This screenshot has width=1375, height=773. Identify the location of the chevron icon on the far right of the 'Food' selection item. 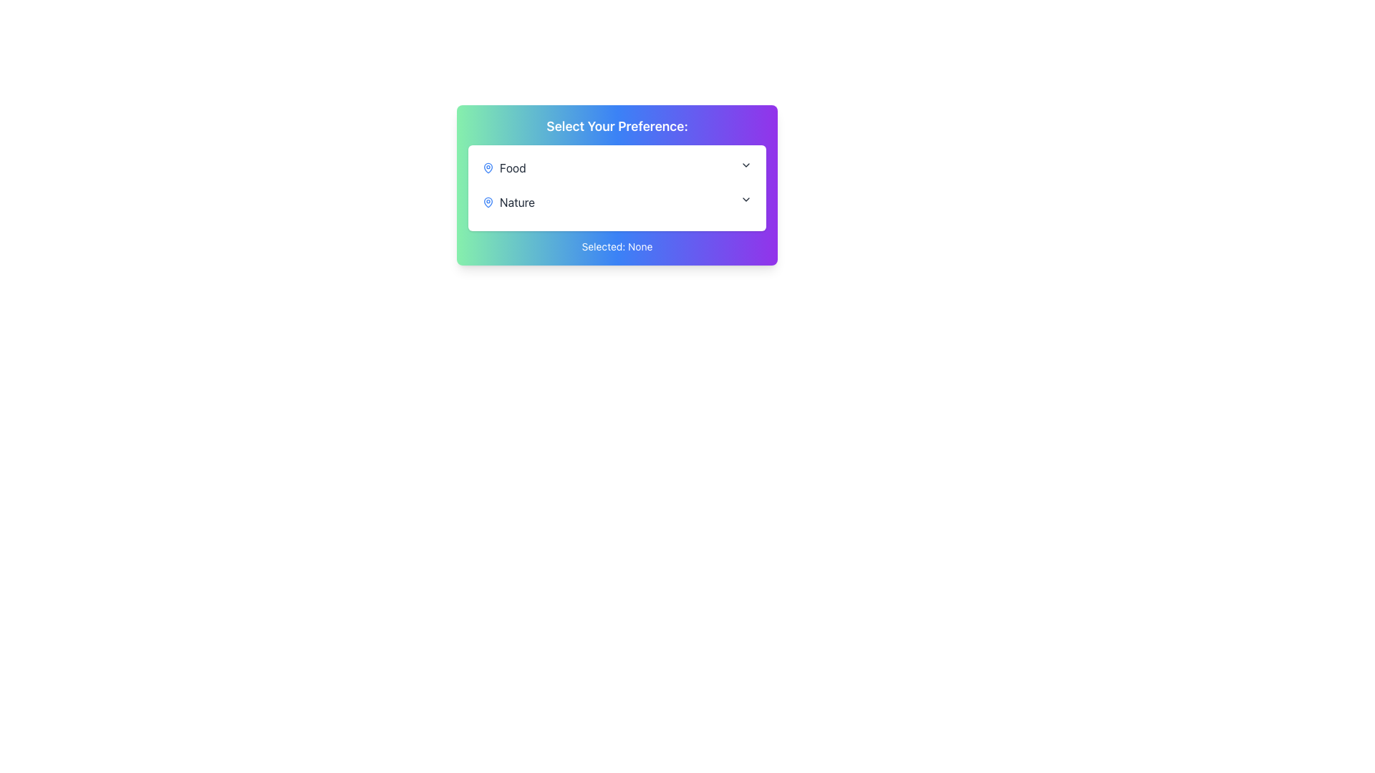
(745, 165).